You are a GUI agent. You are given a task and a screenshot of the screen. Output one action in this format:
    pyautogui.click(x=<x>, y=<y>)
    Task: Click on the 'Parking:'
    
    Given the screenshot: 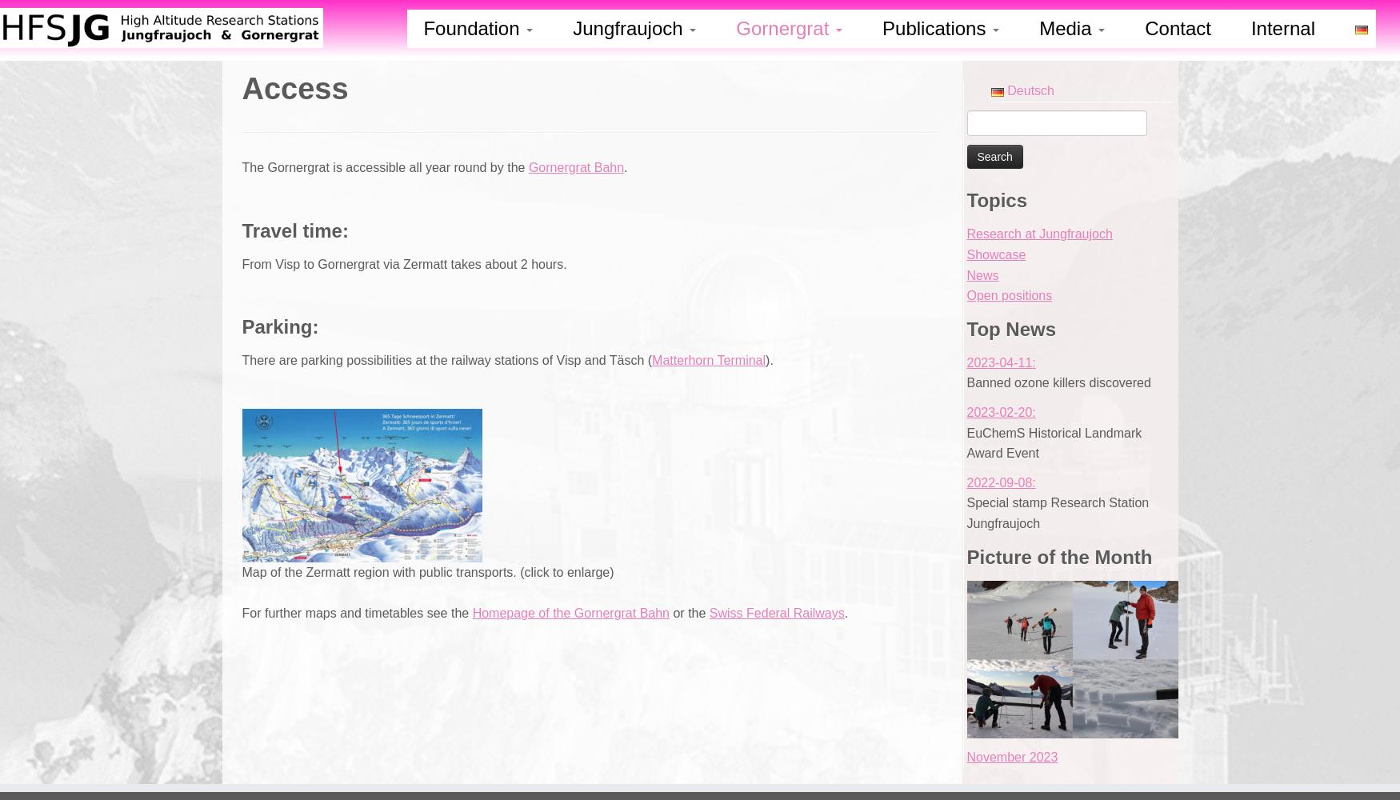 What is the action you would take?
    pyautogui.click(x=280, y=326)
    